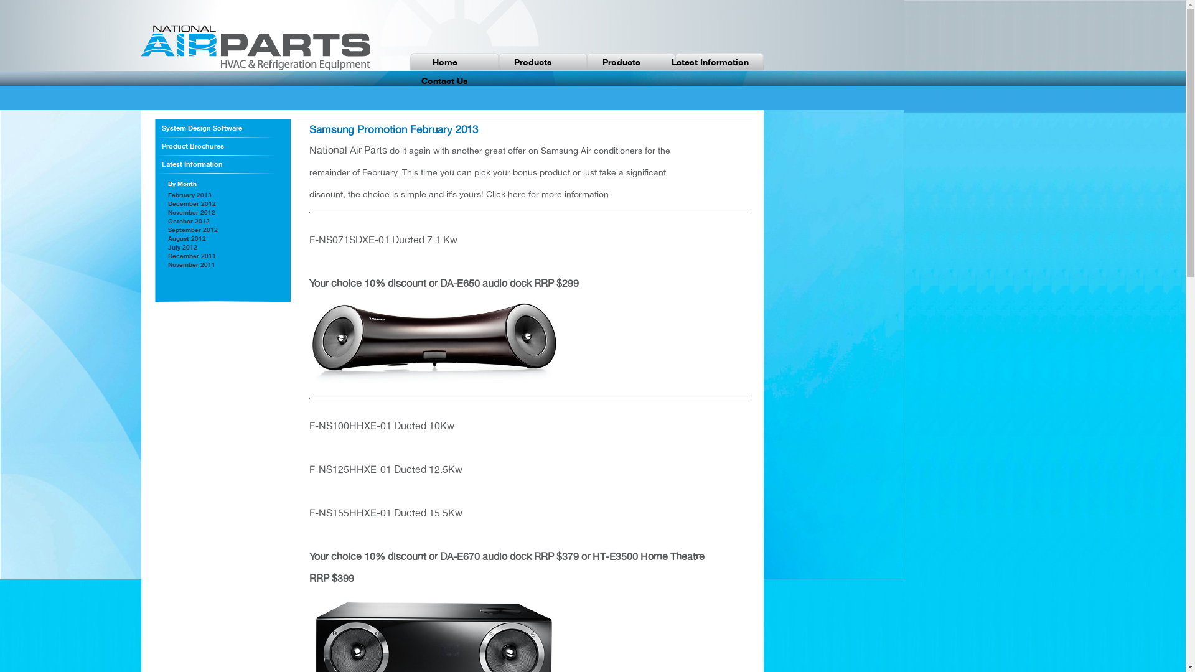 The image size is (1195, 672). Describe the element at coordinates (445, 62) in the screenshot. I see `'Home'` at that location.